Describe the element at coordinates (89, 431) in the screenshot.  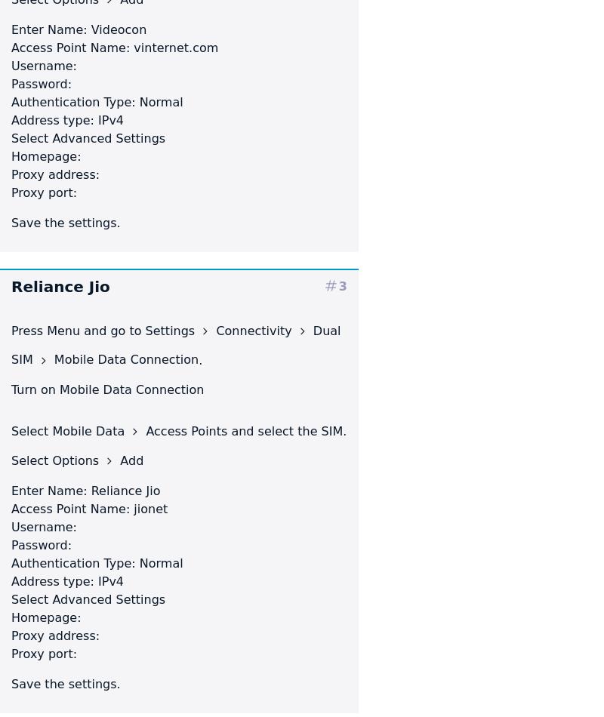
I see `'Mobile Data'` at that location.